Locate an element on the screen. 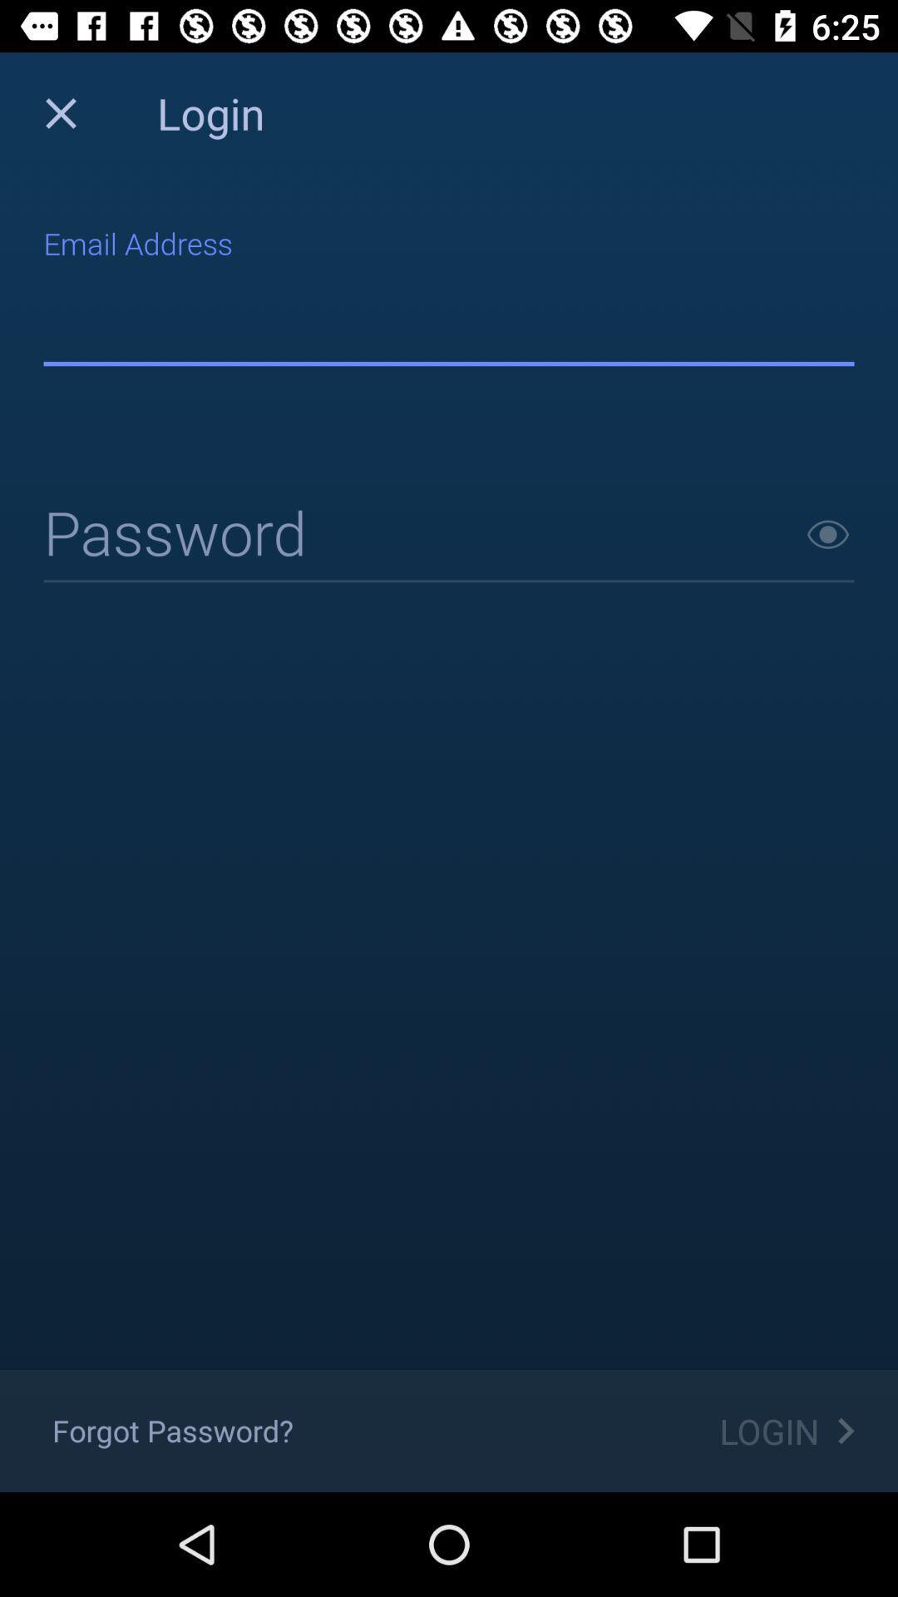  password input is located at coordinates (449, 536).